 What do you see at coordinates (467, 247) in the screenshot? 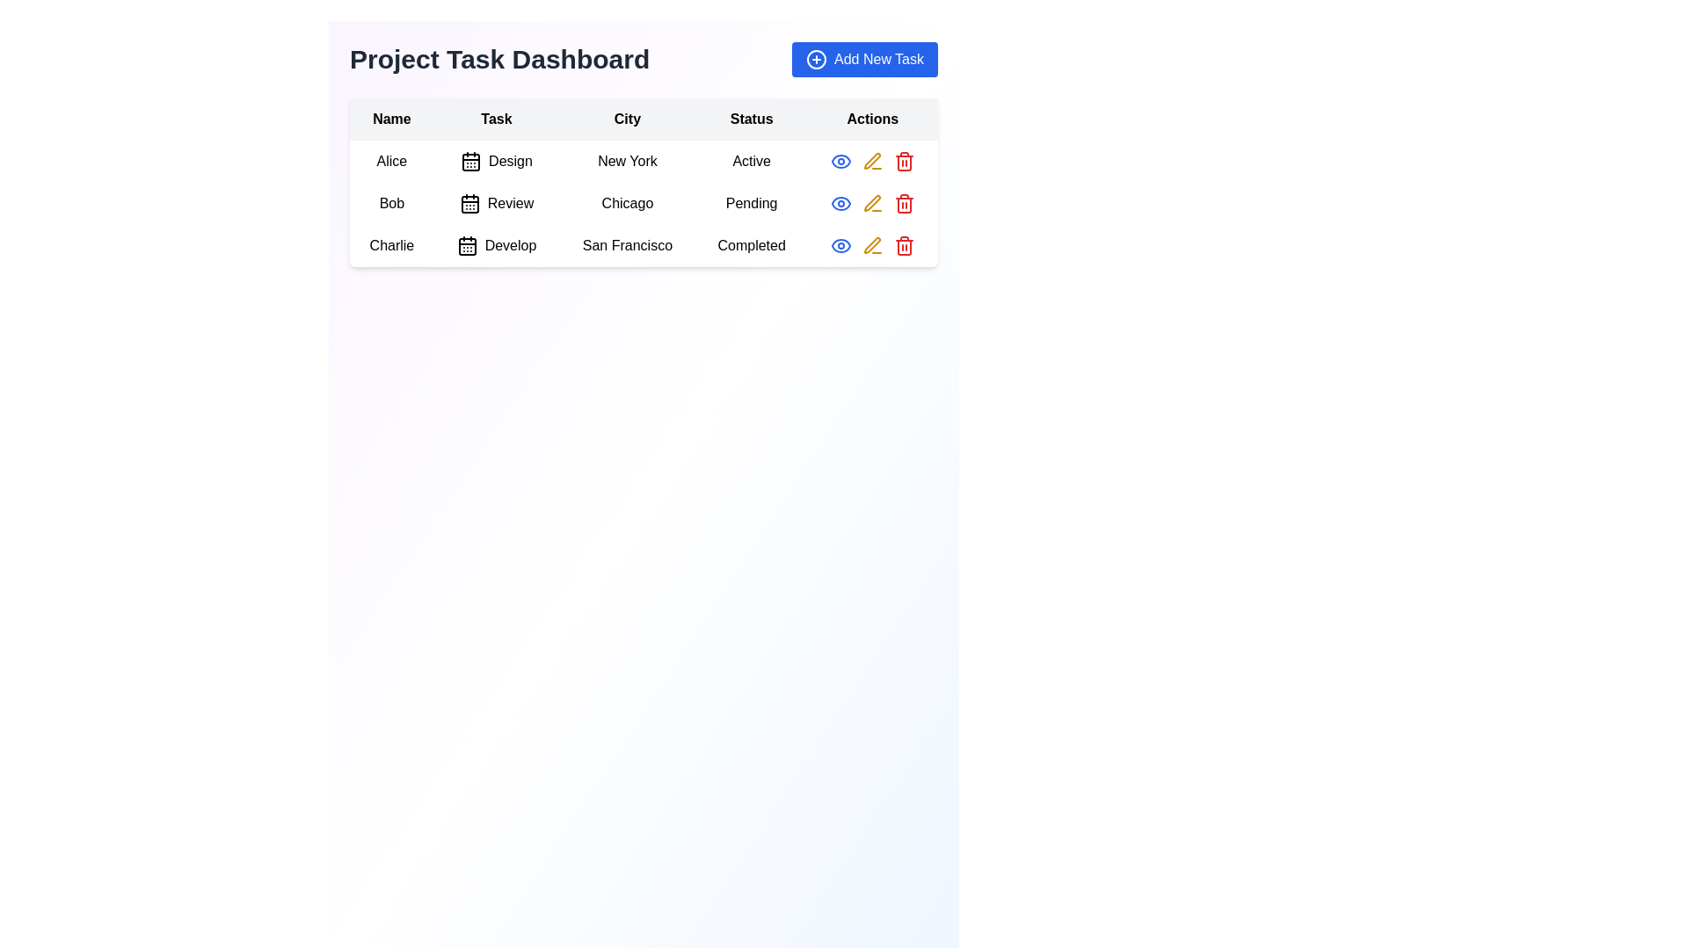
I see `the decorative calendar icon located in the 'Task' column for the 'Charlie' row` at bounding box center [467, 247].